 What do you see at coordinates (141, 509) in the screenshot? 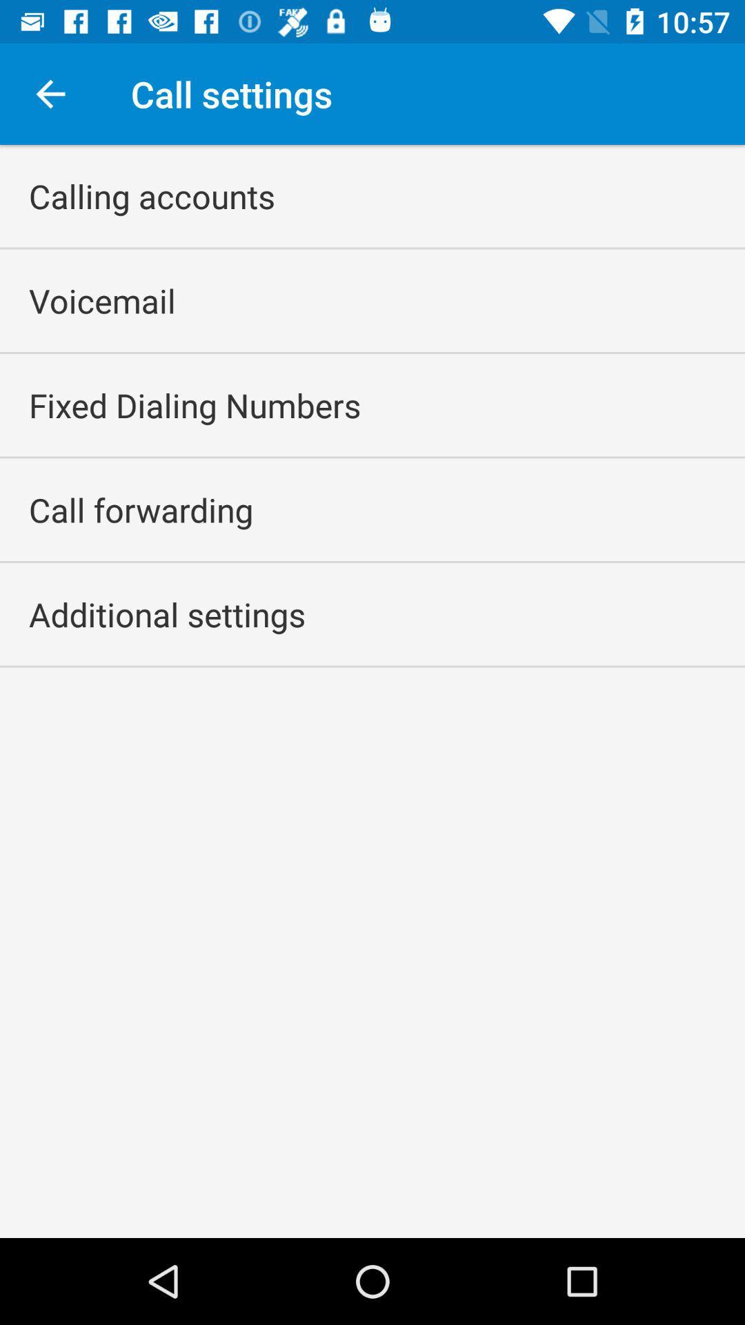
I see `icon below the fixed dialing numbers icon` at bounding box center [141, 509].